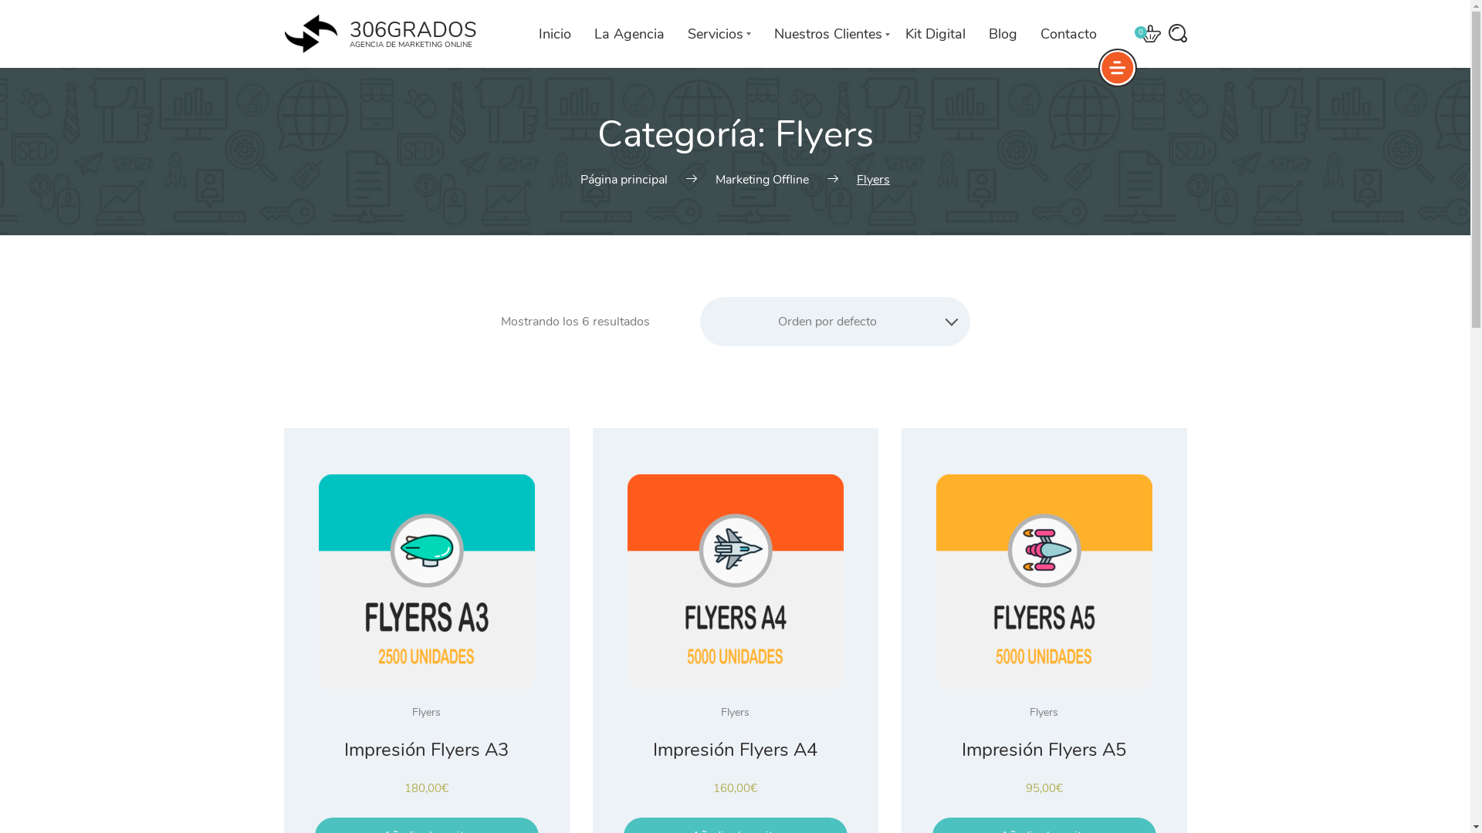 The width and height of the screenshot is (1482, 833). What do you see at coordinates (411, 712) in the screenshot?
I see `'Flyers'` at bounding box center [411, 712].